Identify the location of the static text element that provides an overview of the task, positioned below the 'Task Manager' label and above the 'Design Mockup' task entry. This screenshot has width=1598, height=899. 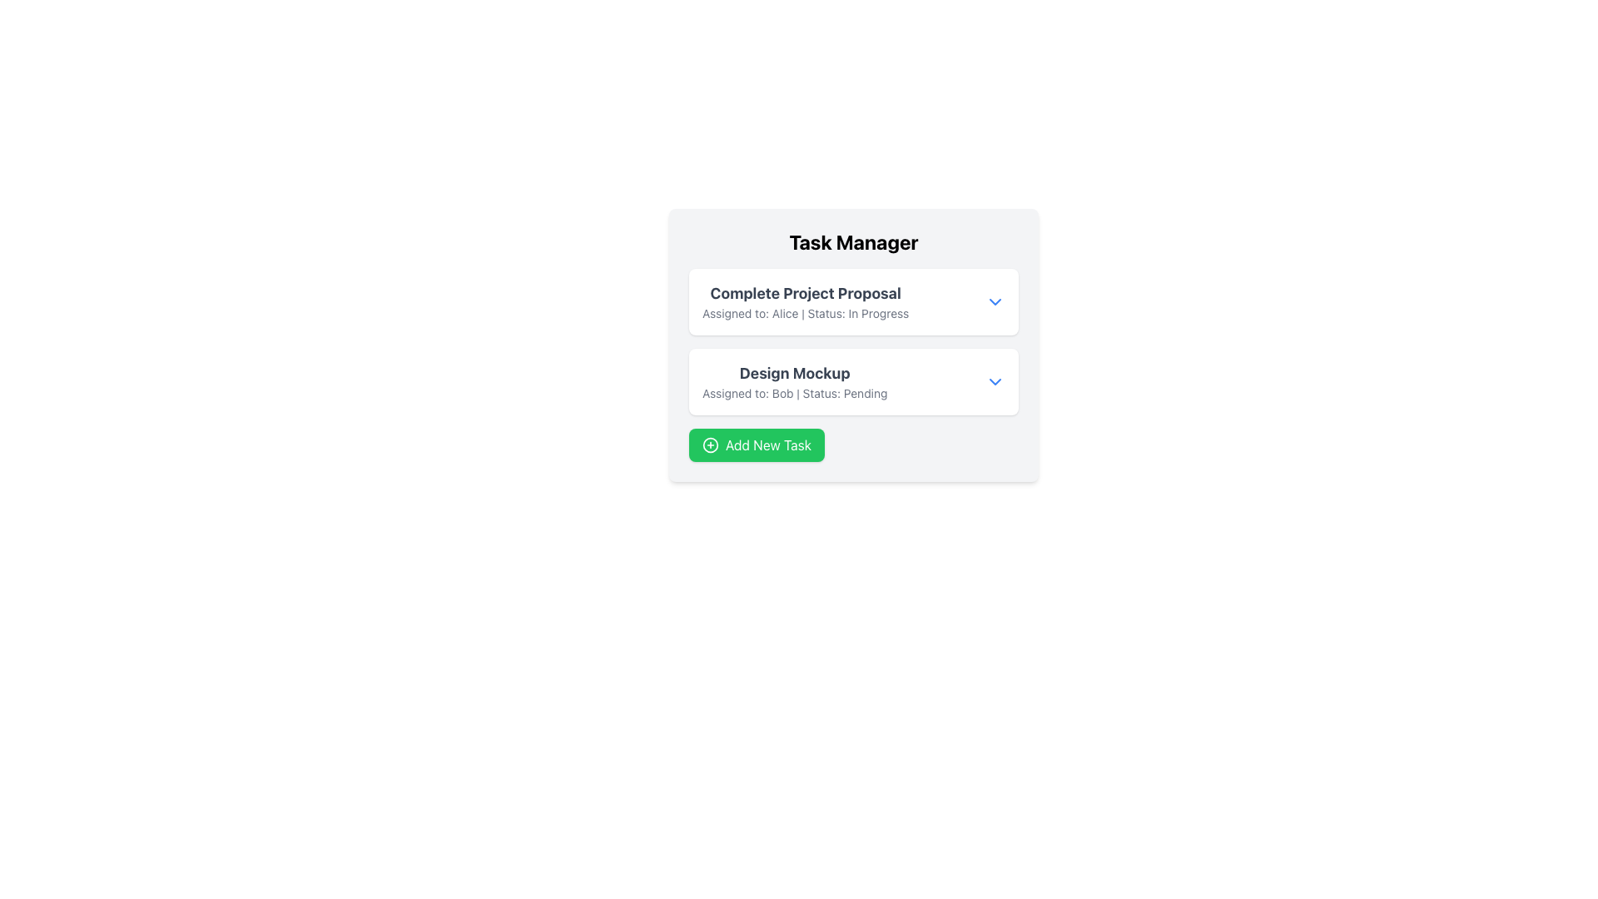
(806, 301).